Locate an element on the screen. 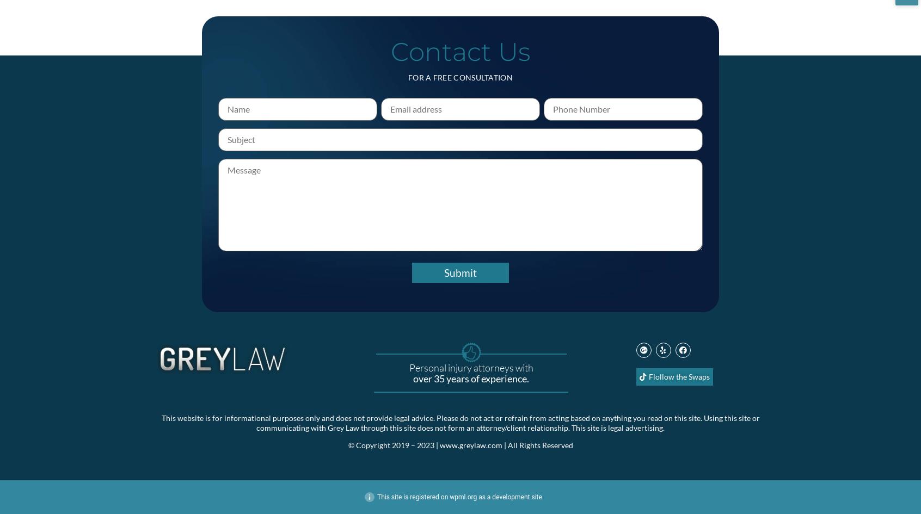 The width and height of the screenshot is (921, 514). 'Personal injury attorneys with' is located at coordinates (470, 367).